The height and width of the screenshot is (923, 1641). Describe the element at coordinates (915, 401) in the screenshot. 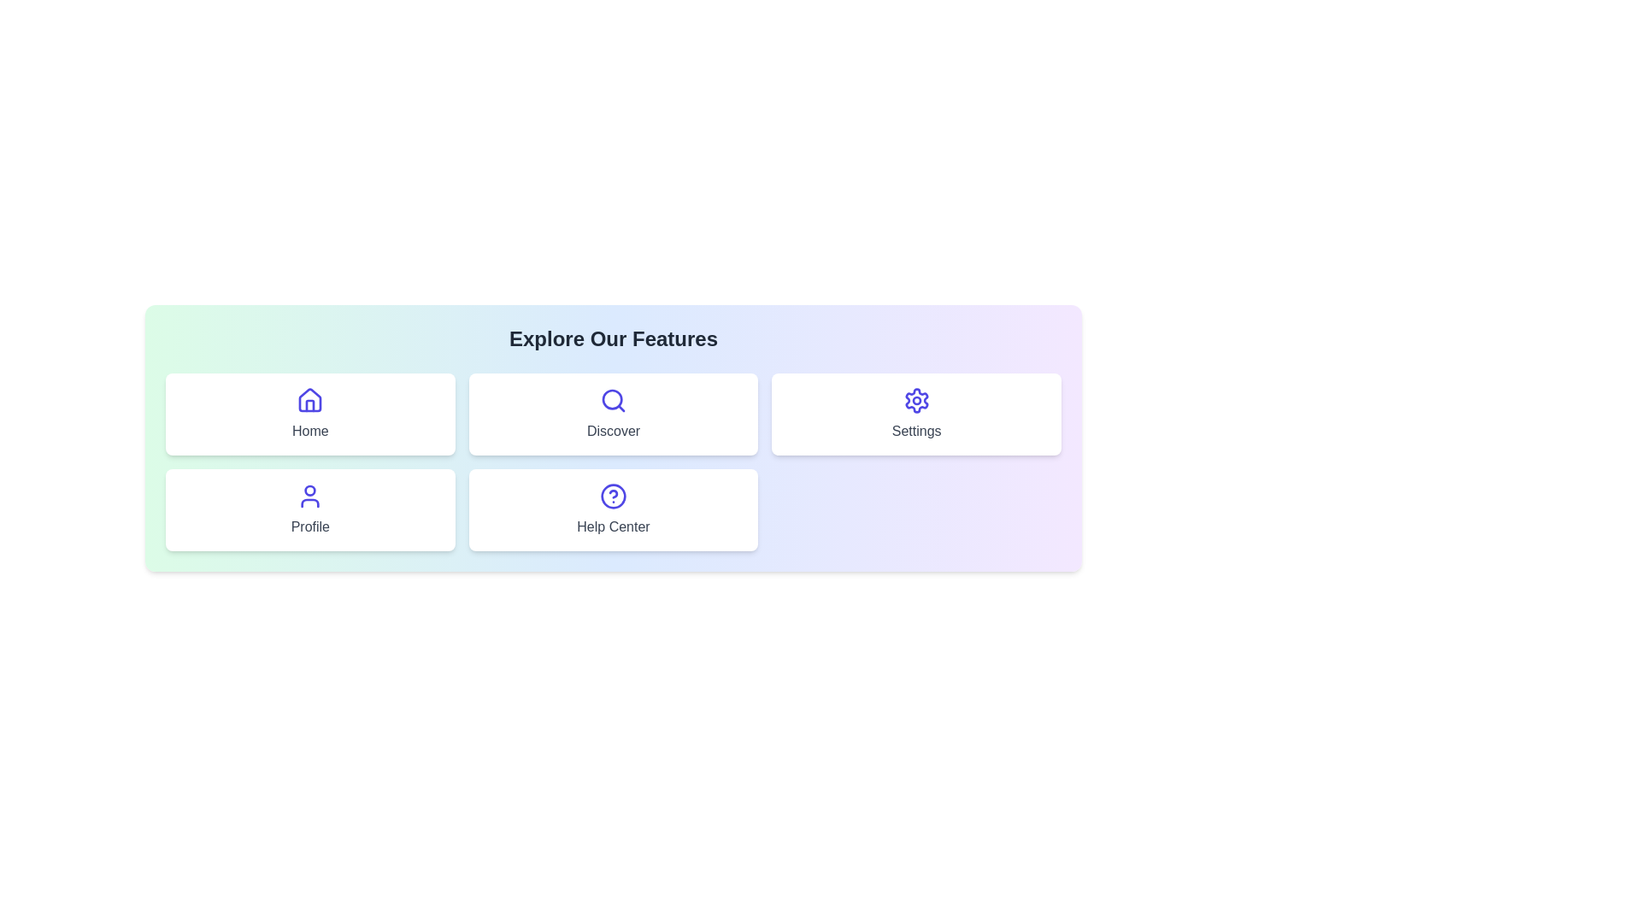

I see `the 'Settings' icon located in the top-right corner of the interface's main section, within the 'Explore Our Features' grid layout` at that location.